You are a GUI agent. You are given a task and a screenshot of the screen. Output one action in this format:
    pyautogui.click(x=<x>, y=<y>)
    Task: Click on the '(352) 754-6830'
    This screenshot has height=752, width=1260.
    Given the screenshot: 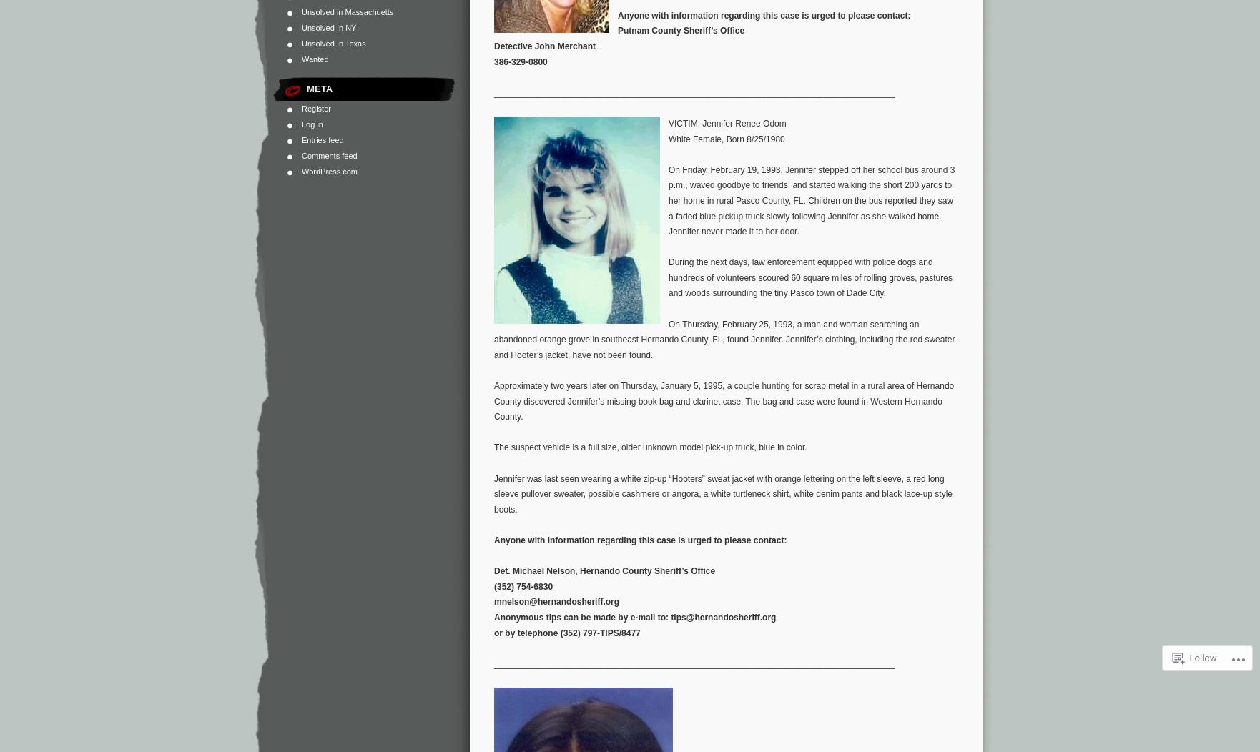 What is the action you would take?
    pyautogui.click(x=522, y=586)
    